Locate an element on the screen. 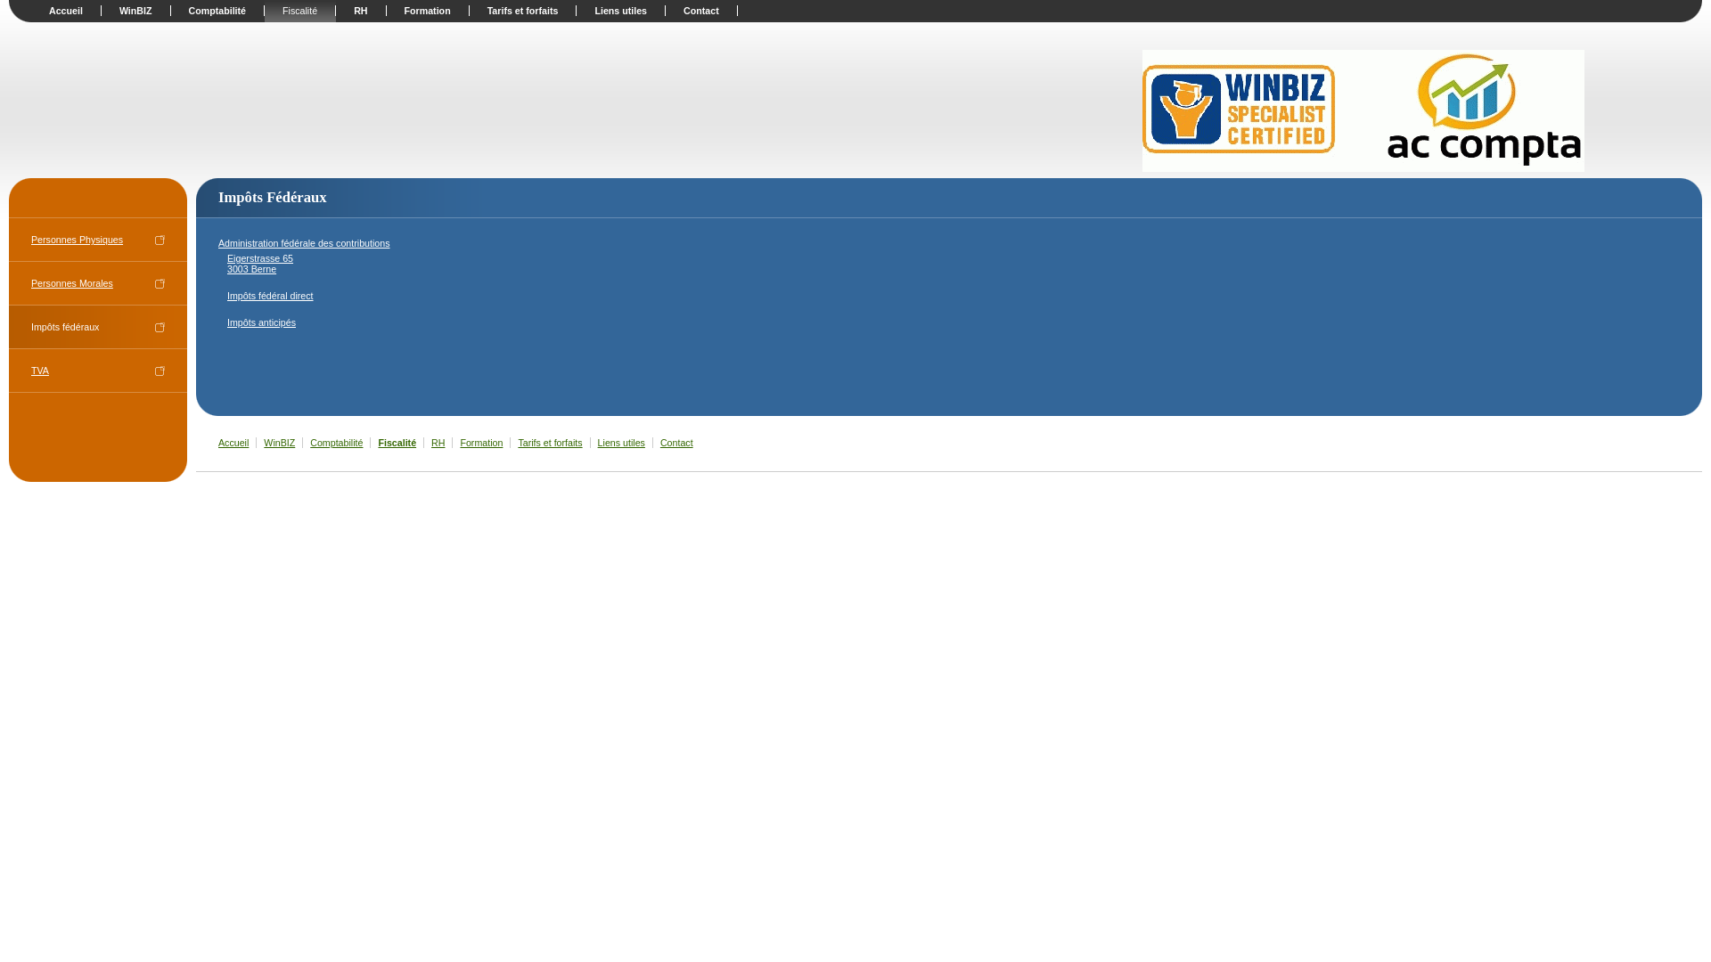  'WinBIZ' is located at coordinates (135, 10).